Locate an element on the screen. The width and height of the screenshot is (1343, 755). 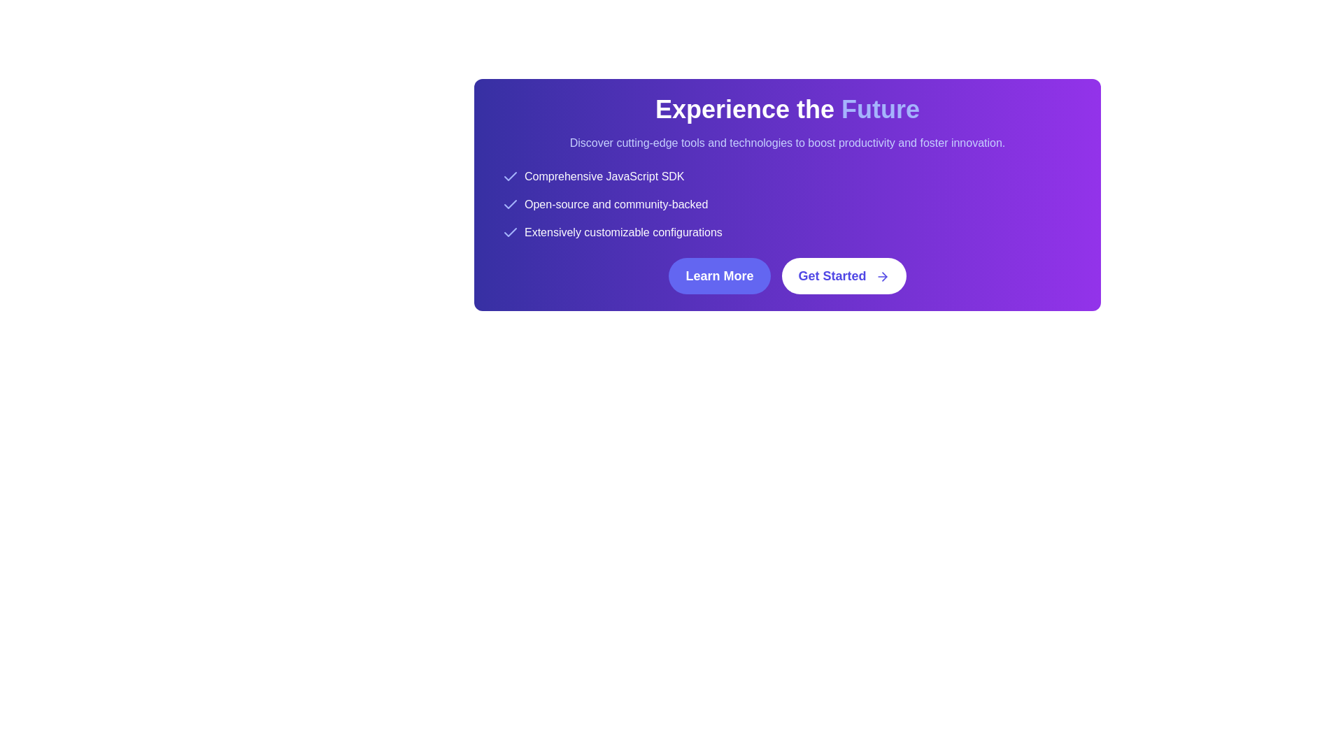
the 'Learn More' button with rounded corners and indigo blue background to observe its hover effects is located at coordinates (719, 275).